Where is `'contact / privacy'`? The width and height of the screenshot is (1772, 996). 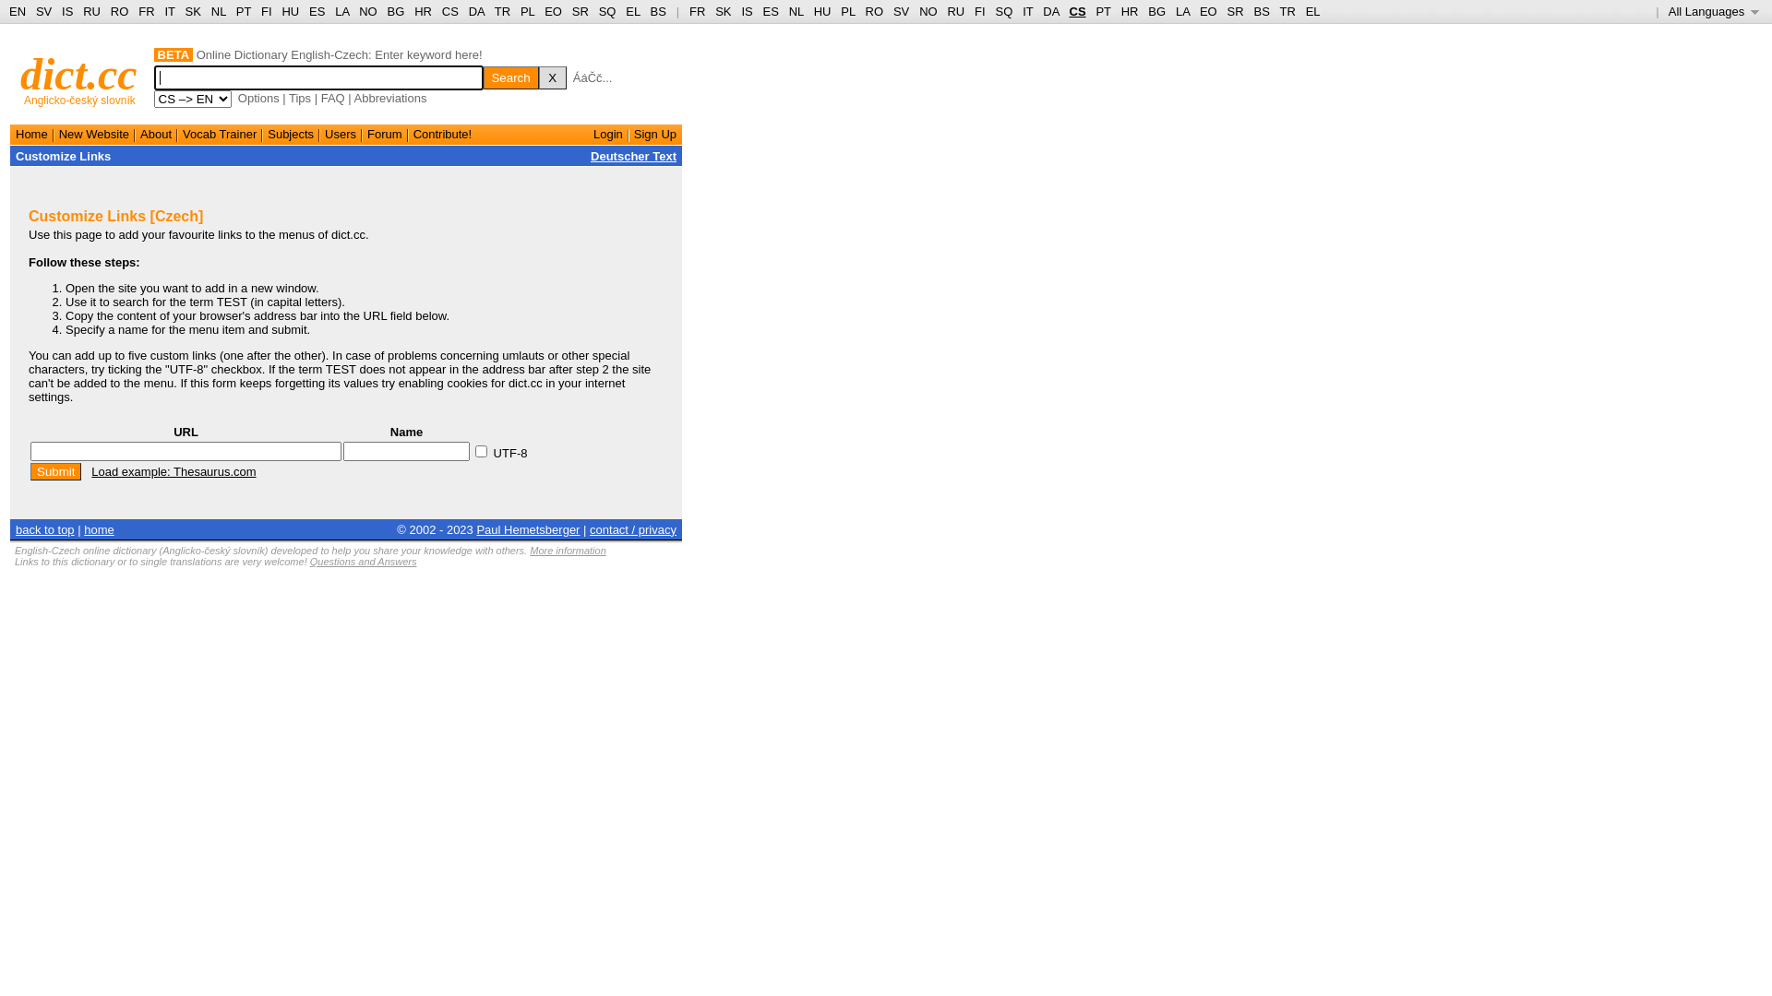 'contact / privacy' is located at coordinates (633, 528).